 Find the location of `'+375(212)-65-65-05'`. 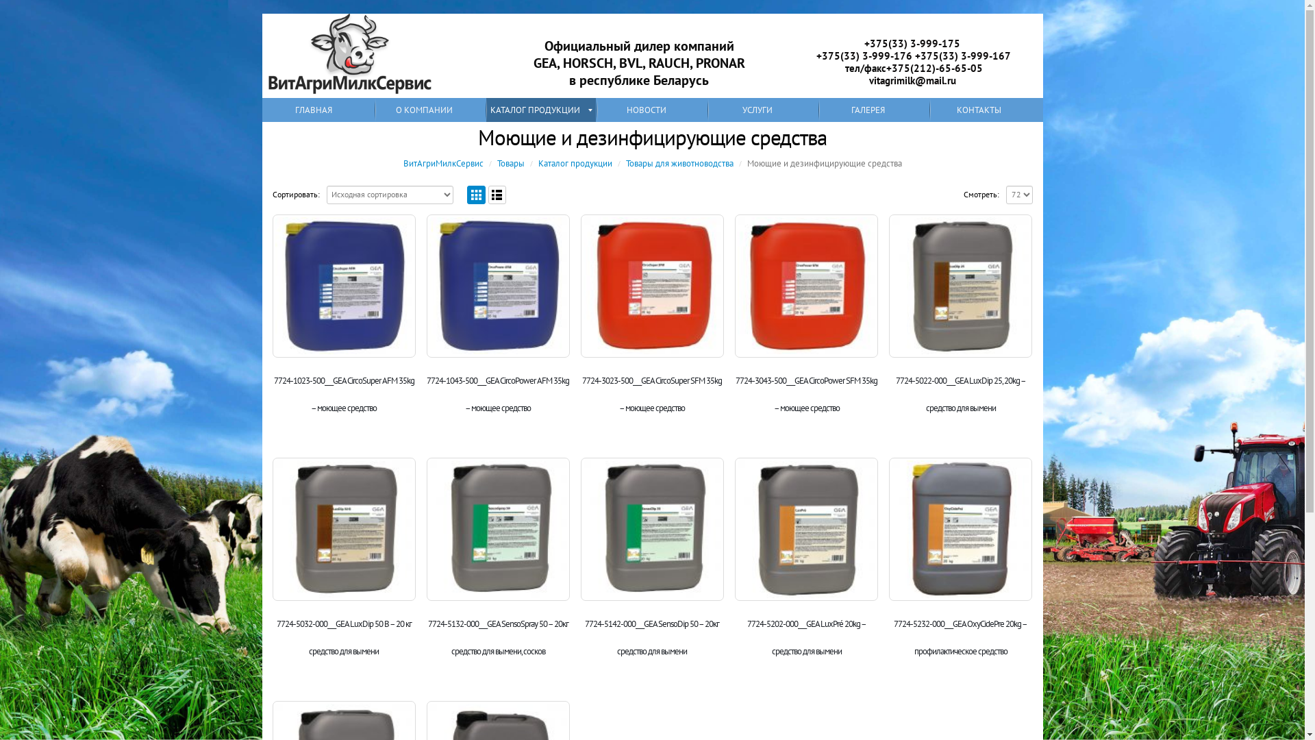

'+375(212)-65-65-05' is located at coordinates (934, 68).